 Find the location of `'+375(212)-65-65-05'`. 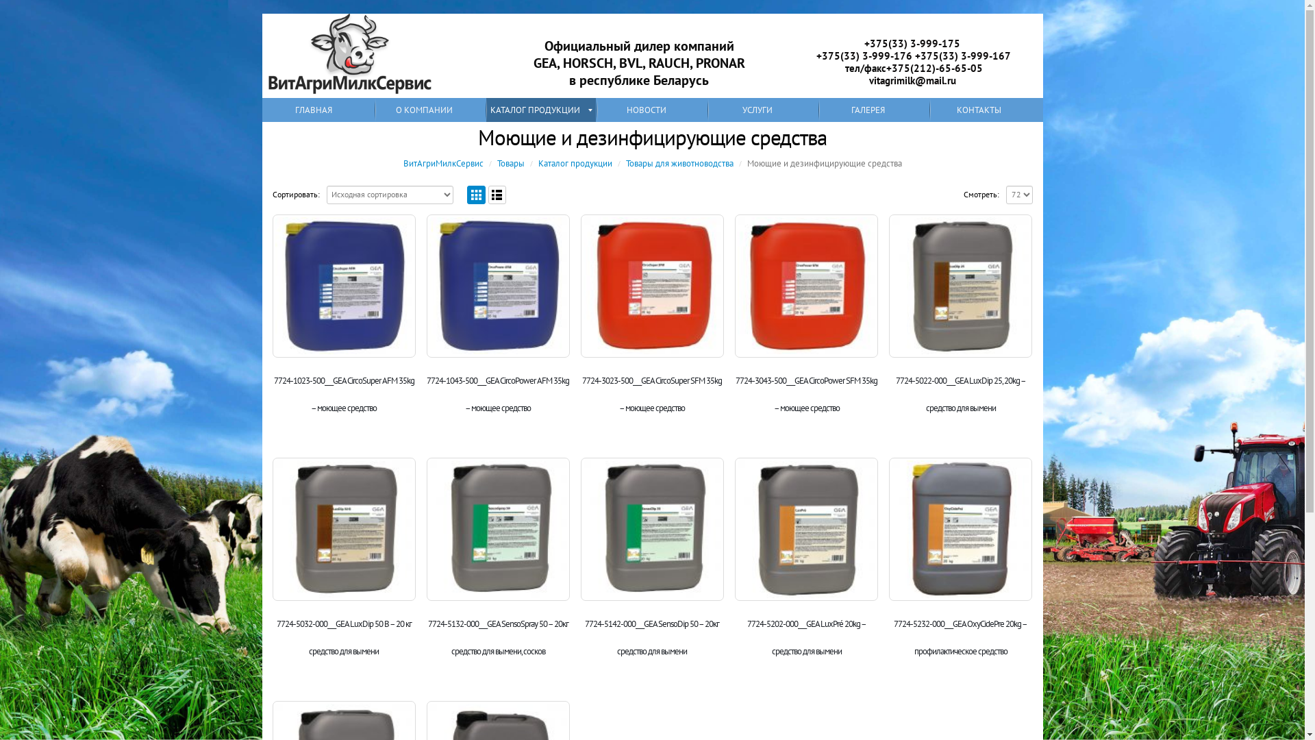

'+375(212)-65-65-05' is located at coordinates (934, 68).